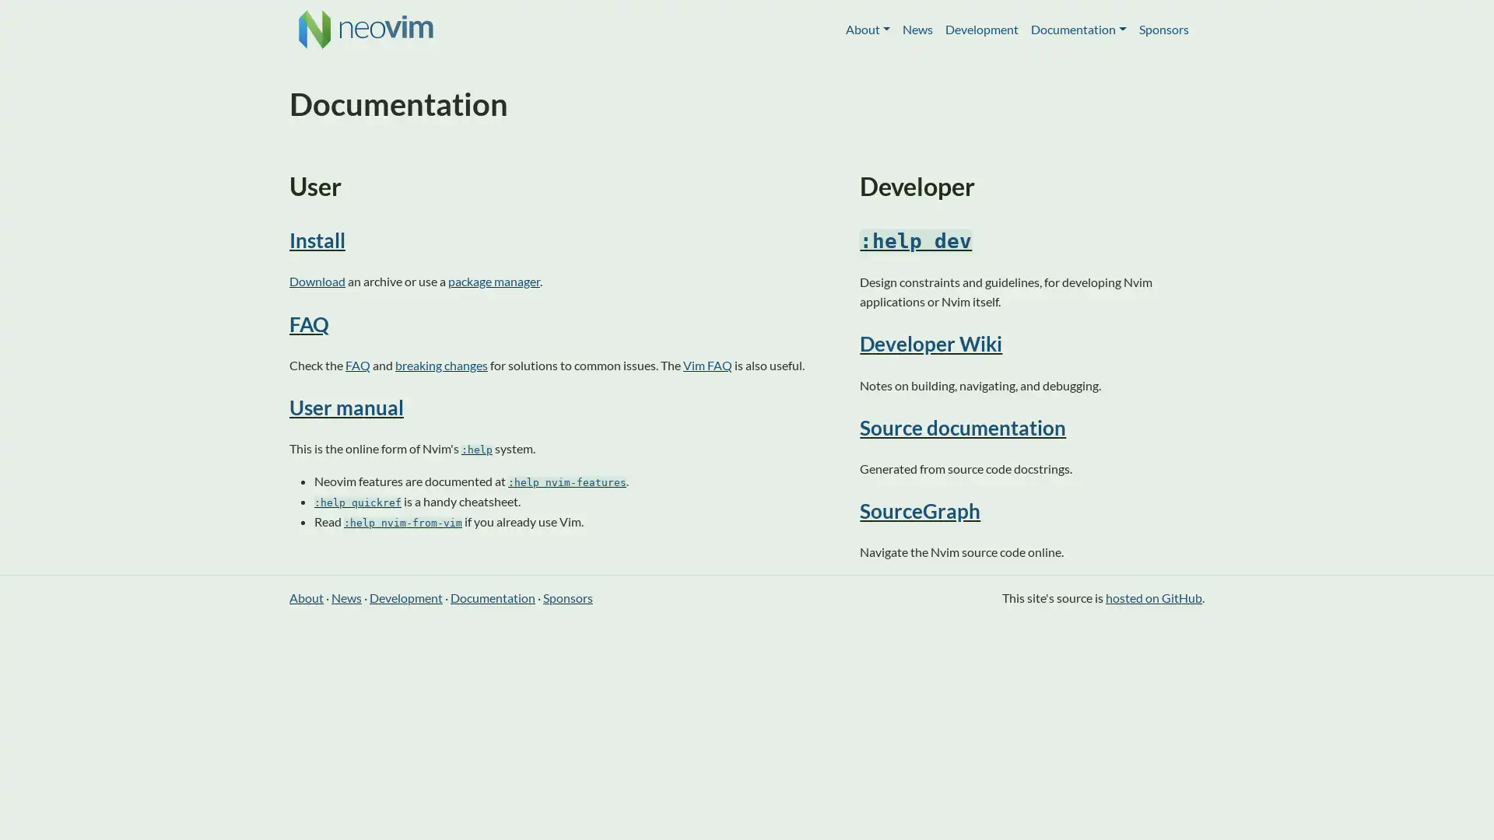 This screenshot has height=840, width=1494. I want to click on Documentation, so click(1078, 29).